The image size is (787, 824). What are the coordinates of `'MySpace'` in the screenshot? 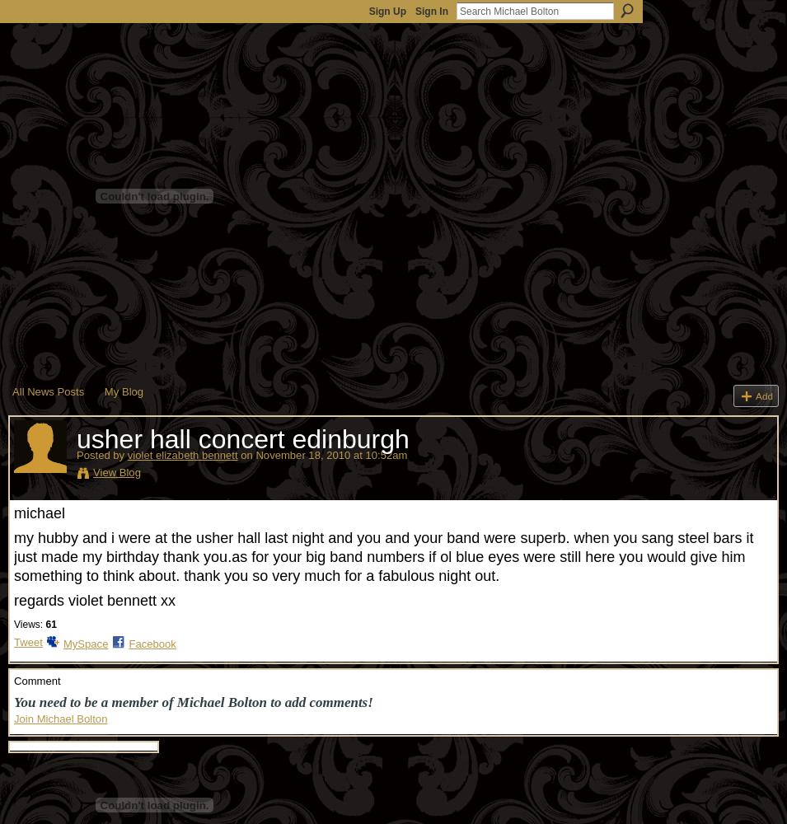 It's located at (84, 644).